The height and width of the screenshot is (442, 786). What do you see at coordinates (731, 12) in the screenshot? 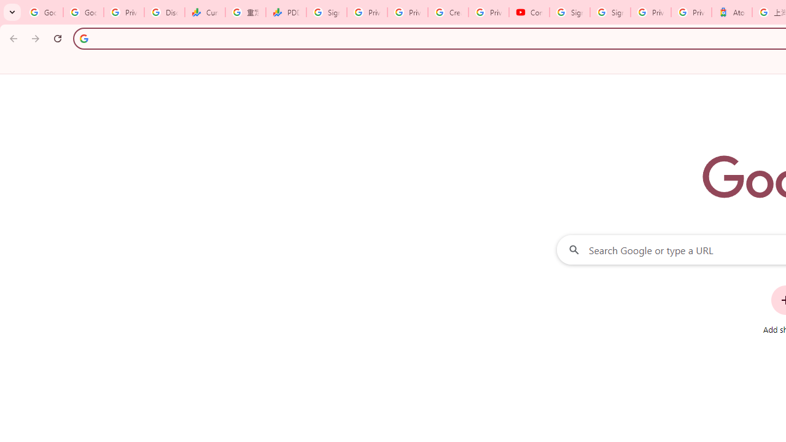
I see `'Atour Hotel - Google hotels'` at bounding box center [731, 12].